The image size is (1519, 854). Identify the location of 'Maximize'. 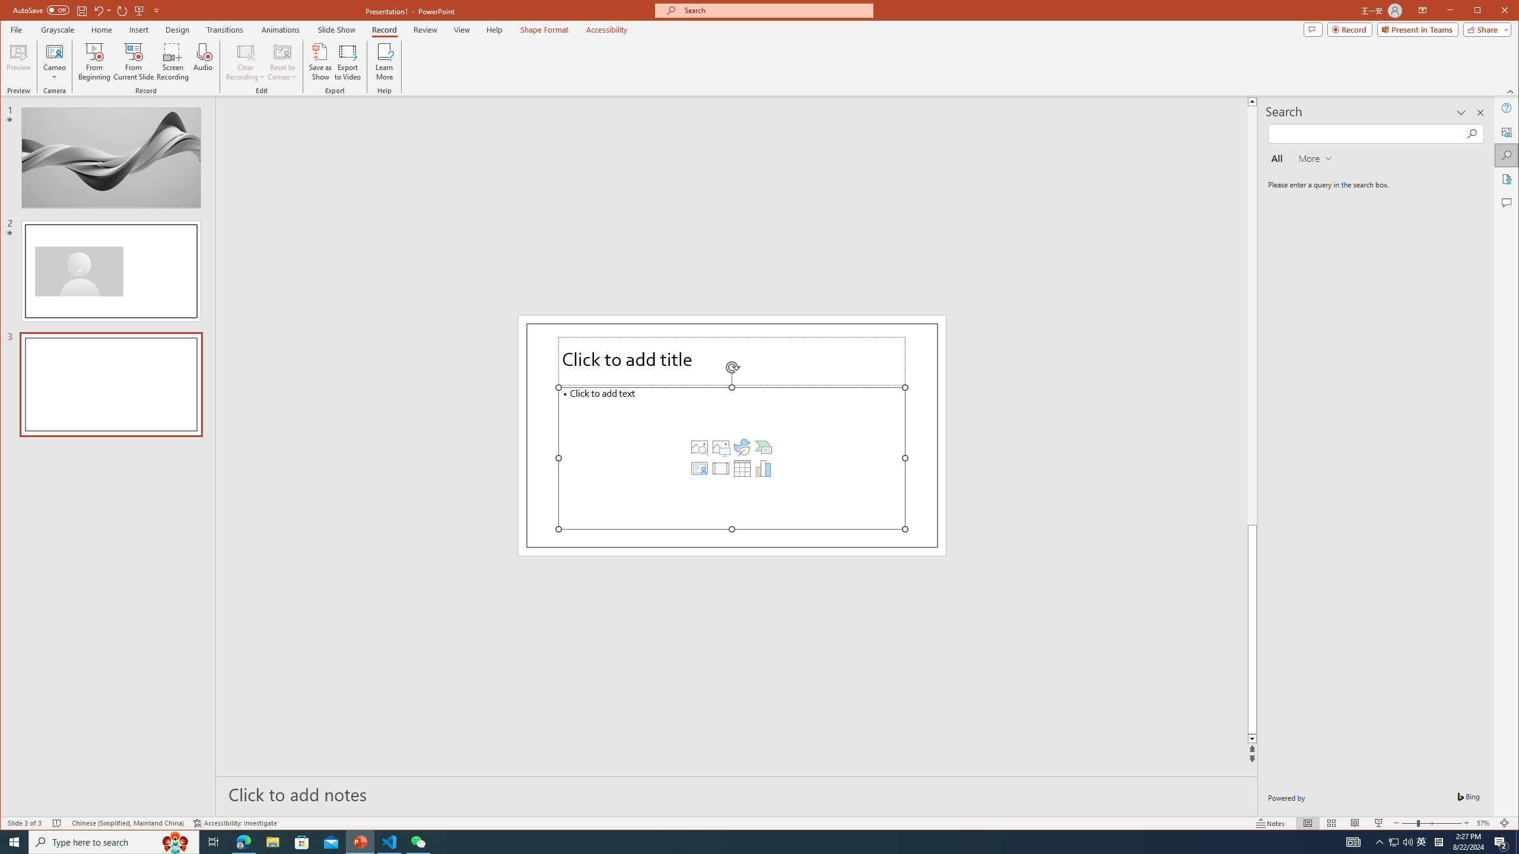
(1495, 11).